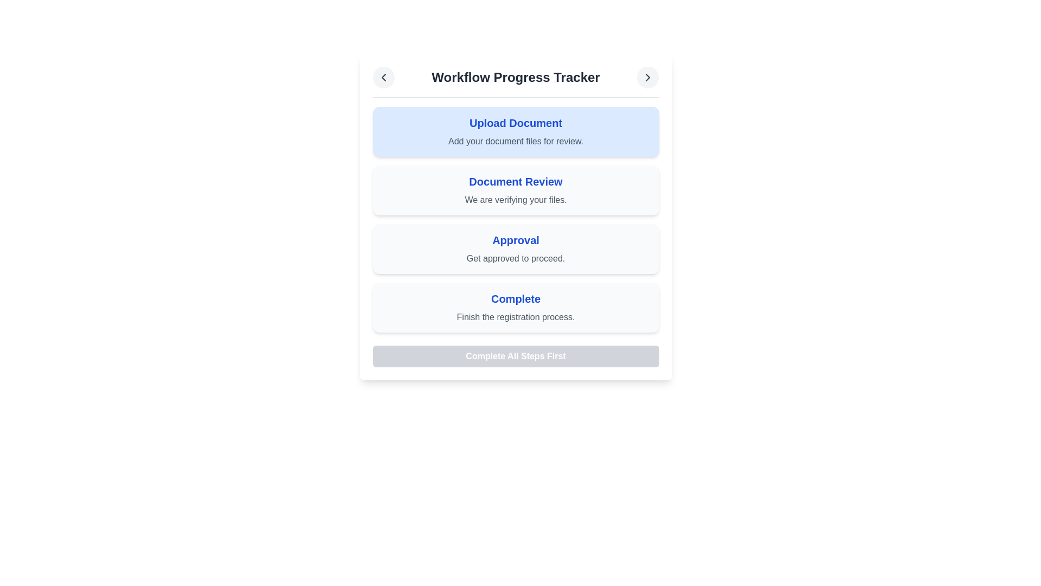 This screenshot has width=1041, height=586. What do you see at coordinates (648, 77) in the screenshot?
I see `the chevron icon located on the right side of the 'Workflow Progress Tracker' header` at bounding box center [648, 77].